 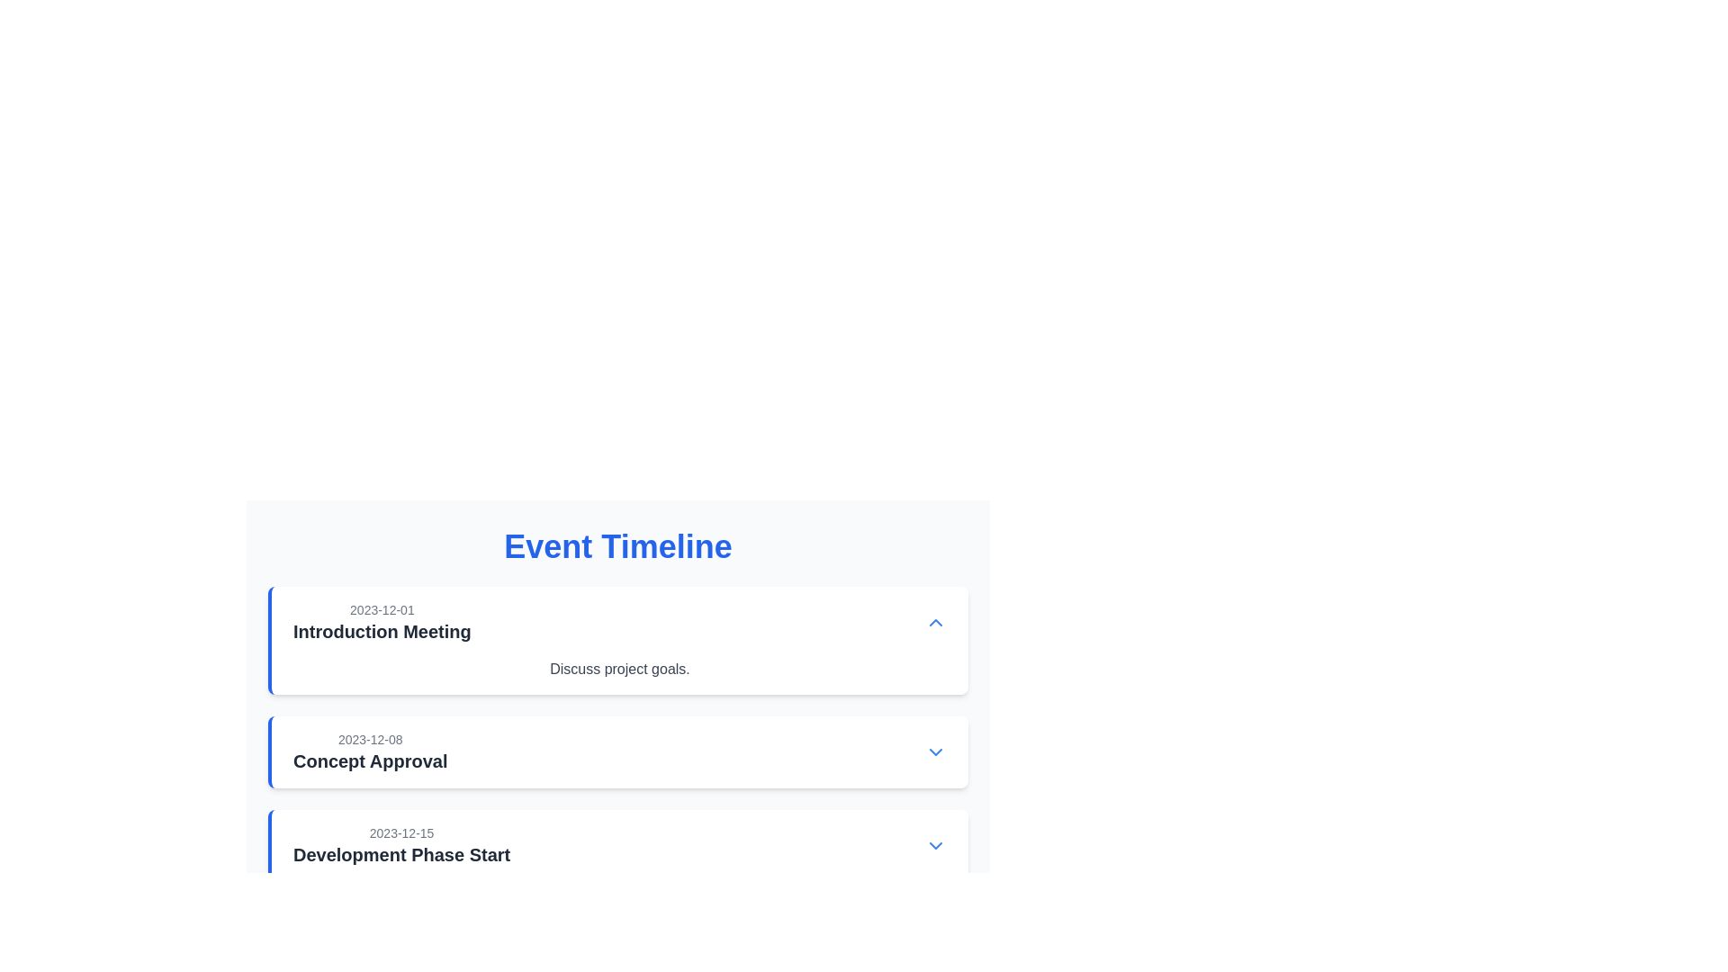 What do you see at coordinates (617, 734) in the screenshot?
I see `to interact with the second event card in the 'Event Timeline', which displays information about a specific event including its date and title` at bounding box center [617, 734].